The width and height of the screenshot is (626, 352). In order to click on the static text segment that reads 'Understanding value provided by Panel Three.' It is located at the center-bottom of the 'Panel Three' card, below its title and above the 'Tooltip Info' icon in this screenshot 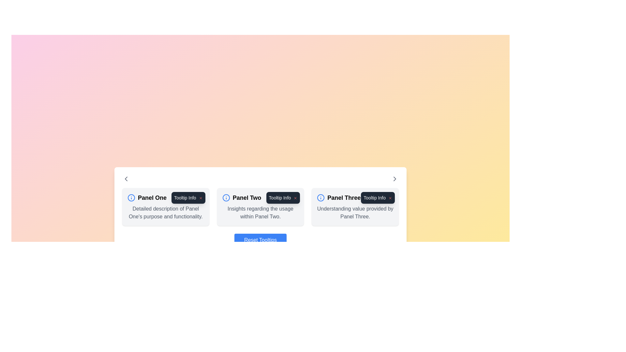, I will do `click(355, 213)`.